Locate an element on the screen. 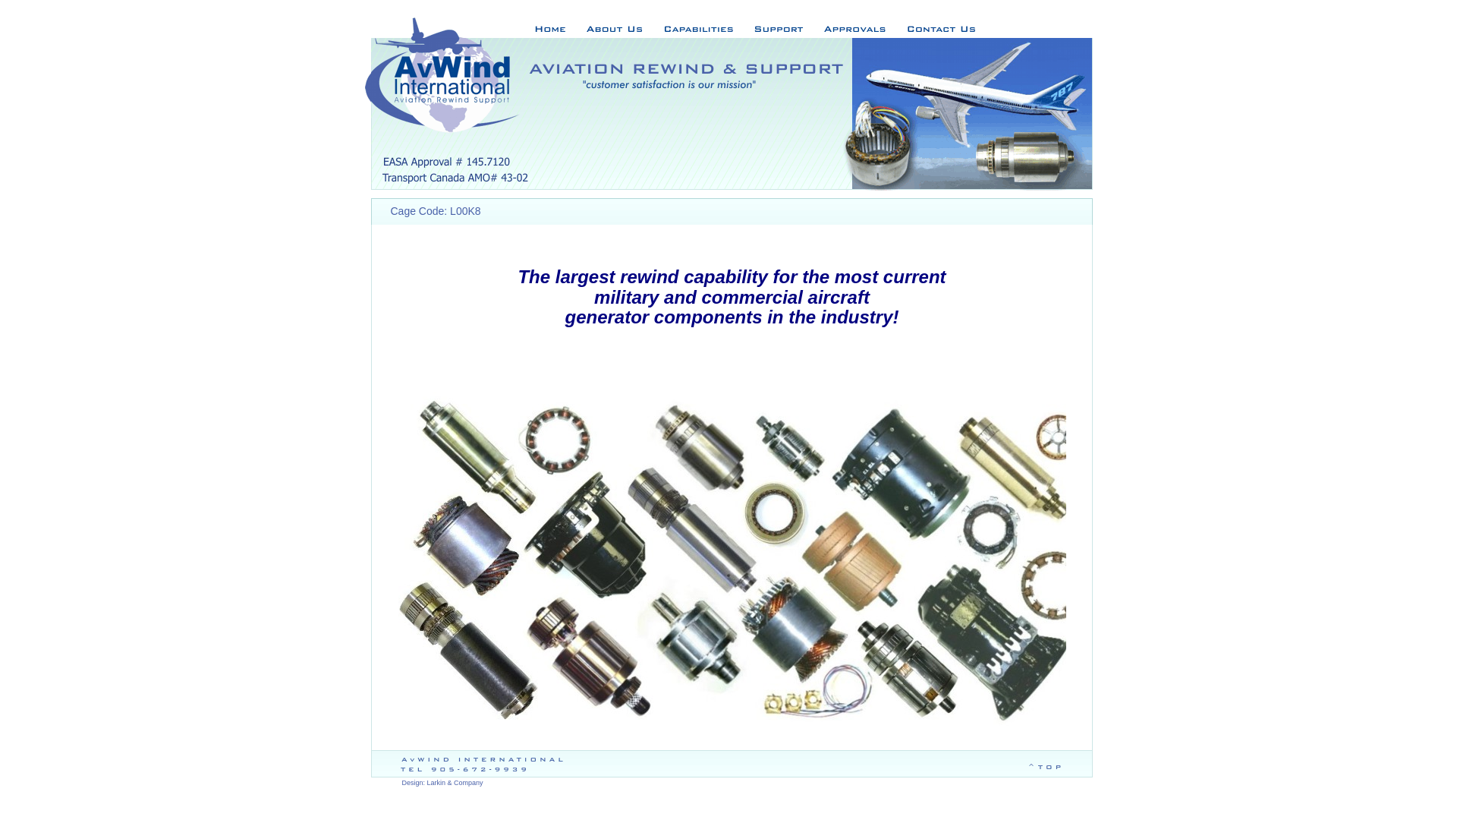 The height and width of the screenshot is (820, 1457). 'Design: Larkin & Company' is located at coordinates (401, 782).